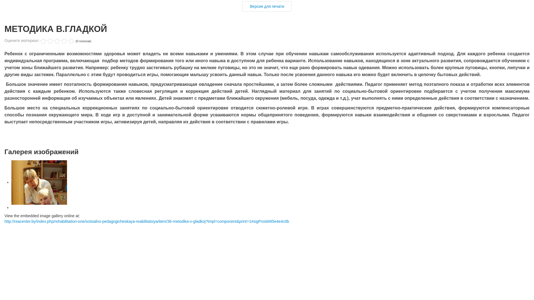 The image size is (534, 300). I want to click on '3', so click(50, 41).